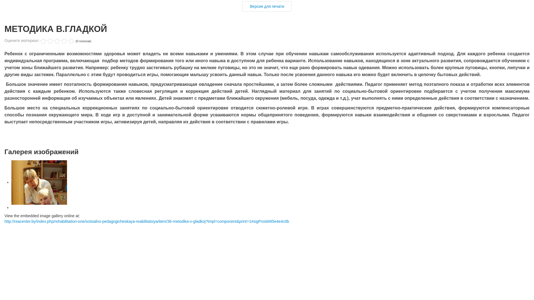 The image size is (534, 300). I want to click on '3', so click(50, 41).